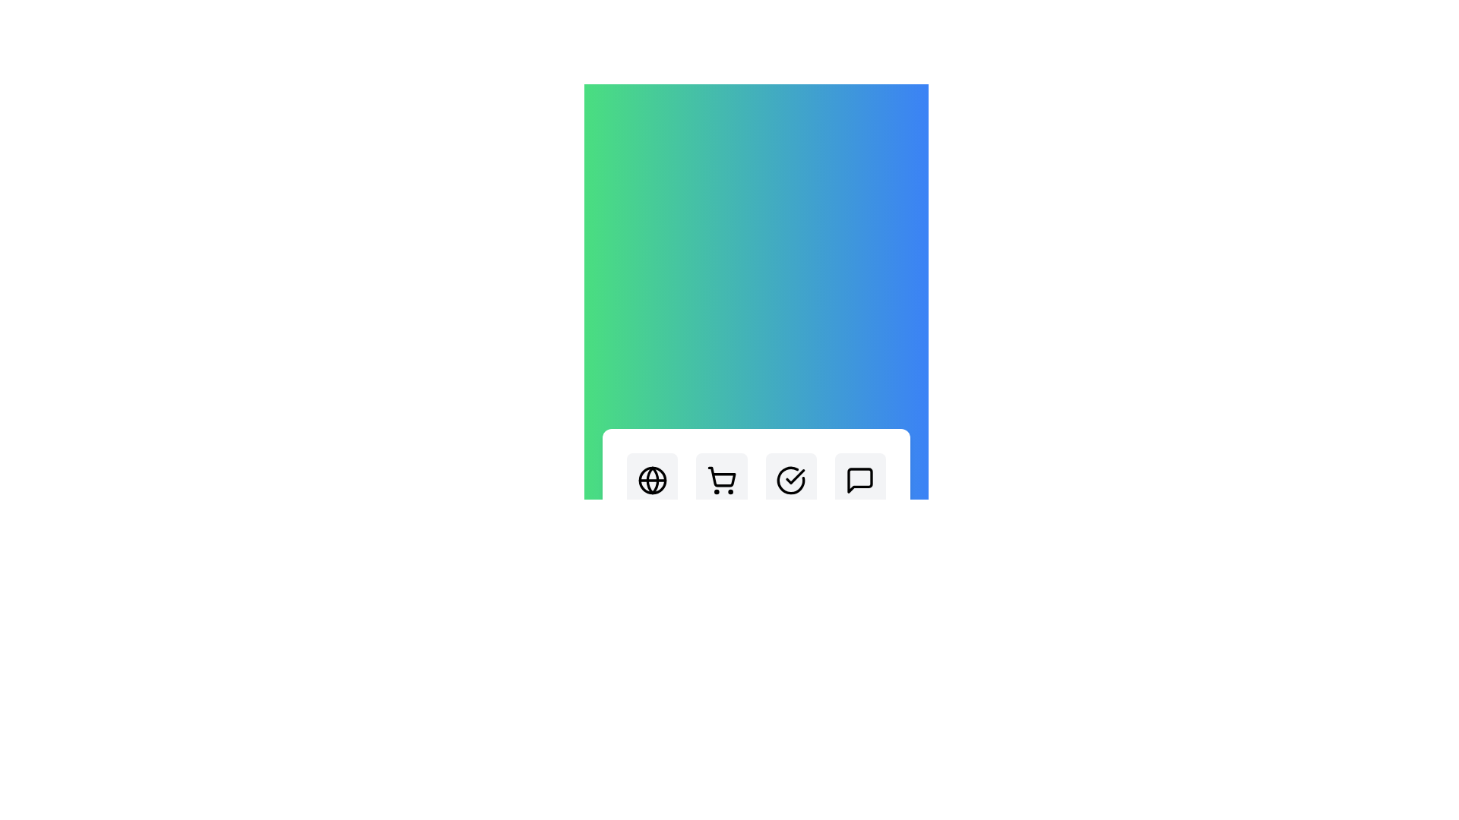  Describe the element at coordinates (860, 494) in the screenshot. I see `the 'Communicate' button` at that location.